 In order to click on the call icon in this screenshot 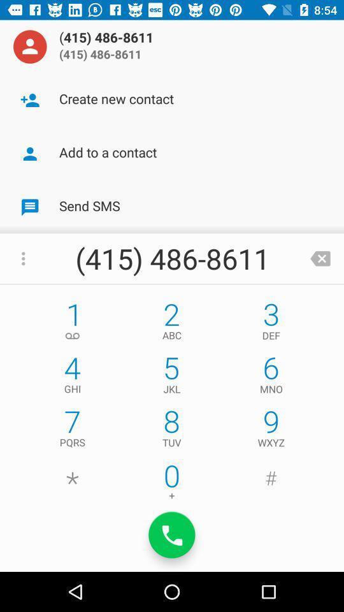, I will do `click(172, 535)`.